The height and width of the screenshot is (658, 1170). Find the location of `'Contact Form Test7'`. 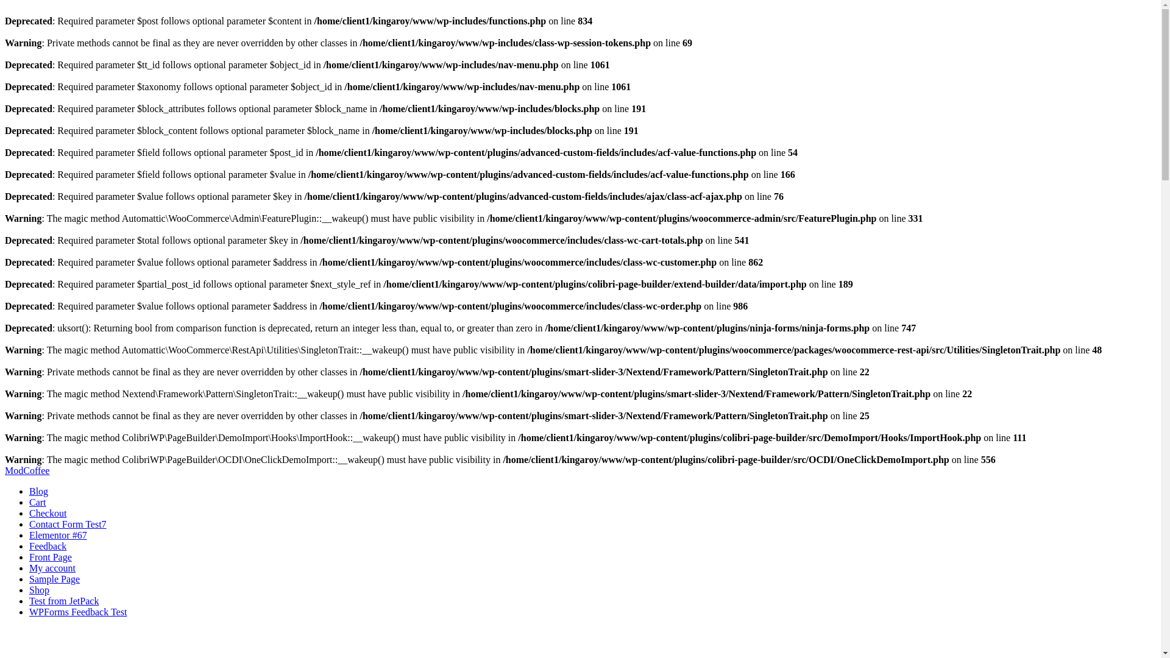

'Contact Form Test7' is located at coordinates (67, 523).